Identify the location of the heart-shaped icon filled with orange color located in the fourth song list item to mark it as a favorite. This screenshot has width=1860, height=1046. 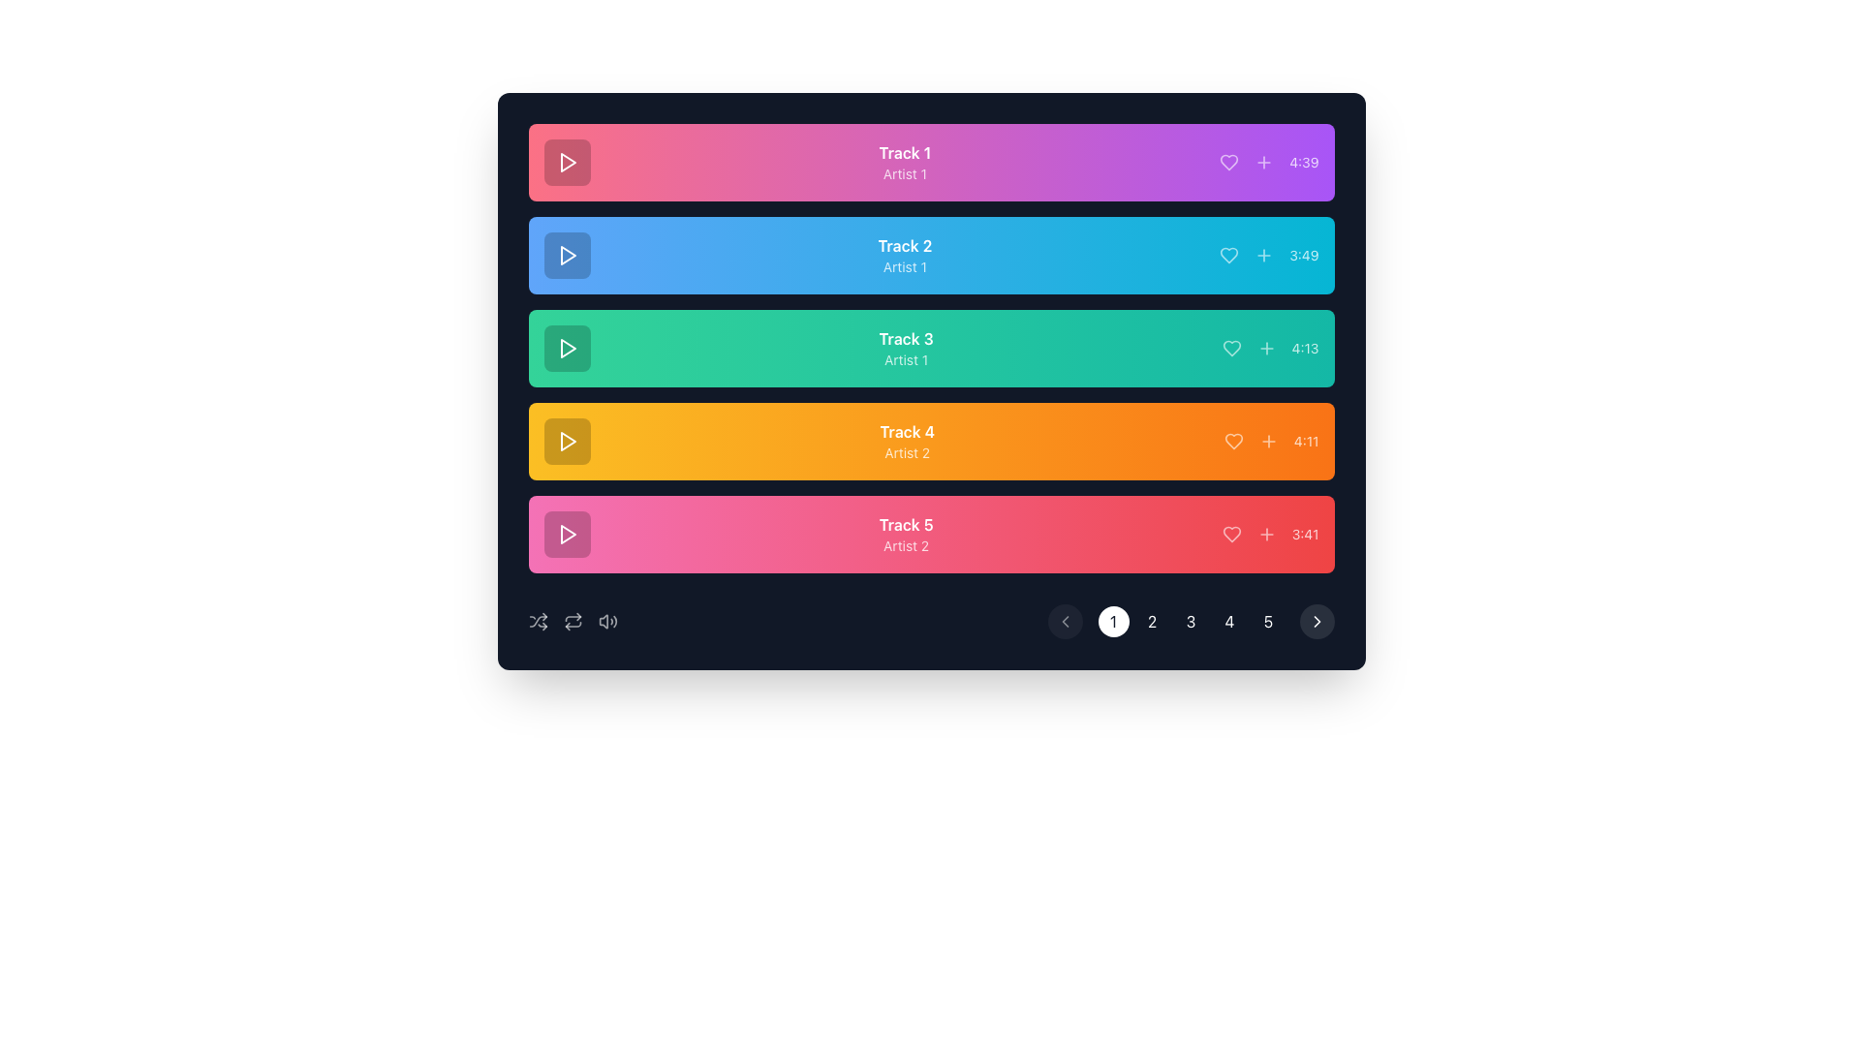
(1232, 441).